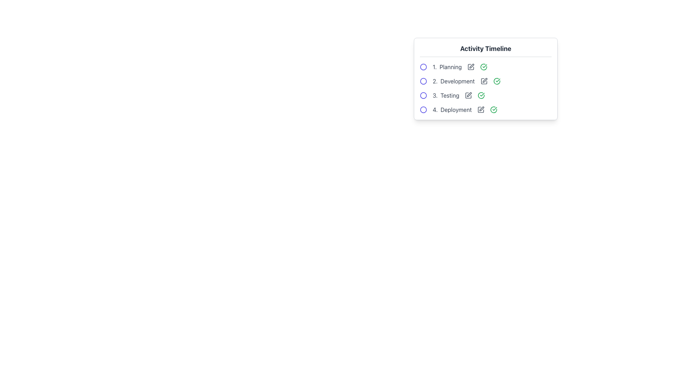 The height and width of the screenshot is (385, 685). I want to click on the circular green outlined icon with a checkmark symbol located to the right of the text '1. Planning' in the Activity Timeline list, so click(484, 67).